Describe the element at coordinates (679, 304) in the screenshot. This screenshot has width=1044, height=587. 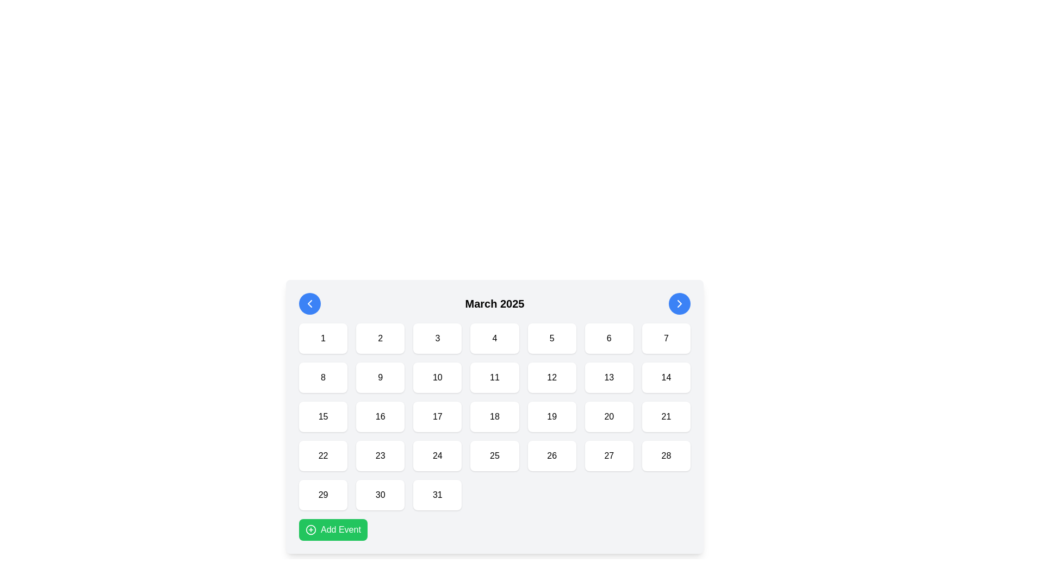
I see `the right-facing chevron arrow icon located inside a circular blue button in the top-right corner of the calendar interface header` at that location.